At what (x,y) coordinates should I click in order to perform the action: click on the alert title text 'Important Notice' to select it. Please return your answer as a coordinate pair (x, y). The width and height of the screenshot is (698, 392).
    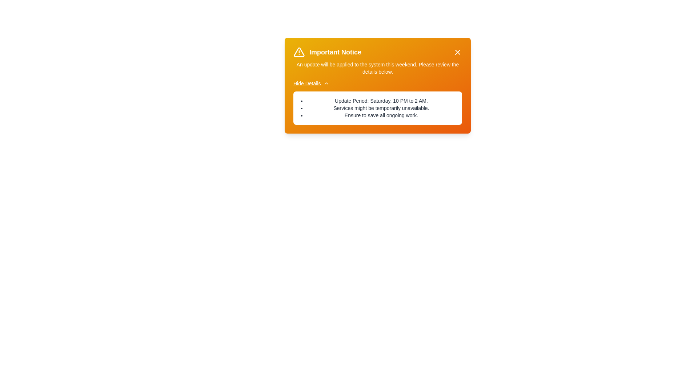
    Looking at the image, I should click on (335, 52).